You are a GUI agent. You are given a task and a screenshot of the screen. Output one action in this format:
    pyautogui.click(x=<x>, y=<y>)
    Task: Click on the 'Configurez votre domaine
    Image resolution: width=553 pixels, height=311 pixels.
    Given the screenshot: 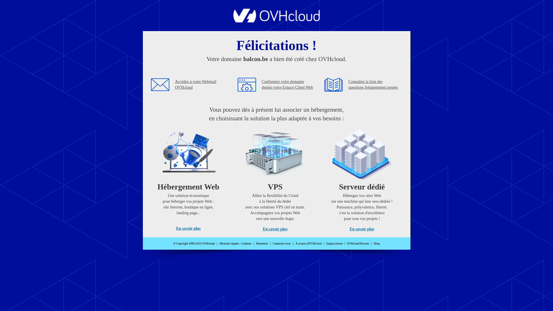 What is the action you would take?
    pyautogui.click(x=287, y=84)
    